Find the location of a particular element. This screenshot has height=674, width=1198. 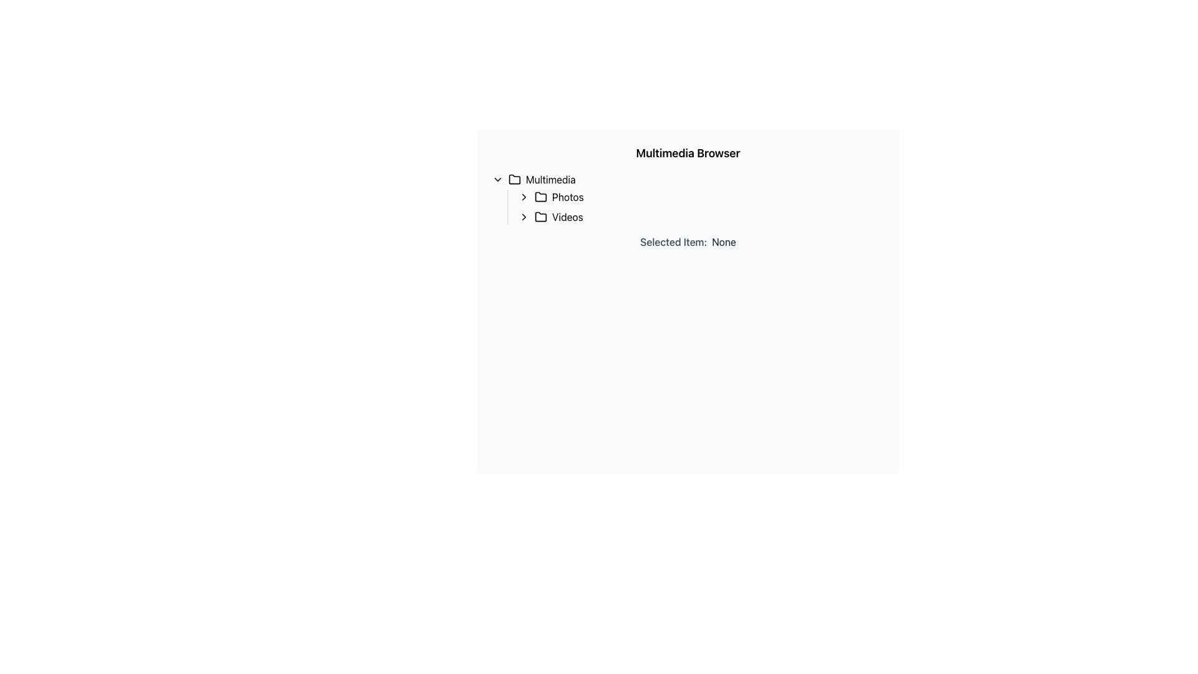

the SVG vector graphic icon representing the 'Photos' folder in the multimedia browser tree structure, which is located to the left of the 'Photos' label is located at coordinates (541, 197).